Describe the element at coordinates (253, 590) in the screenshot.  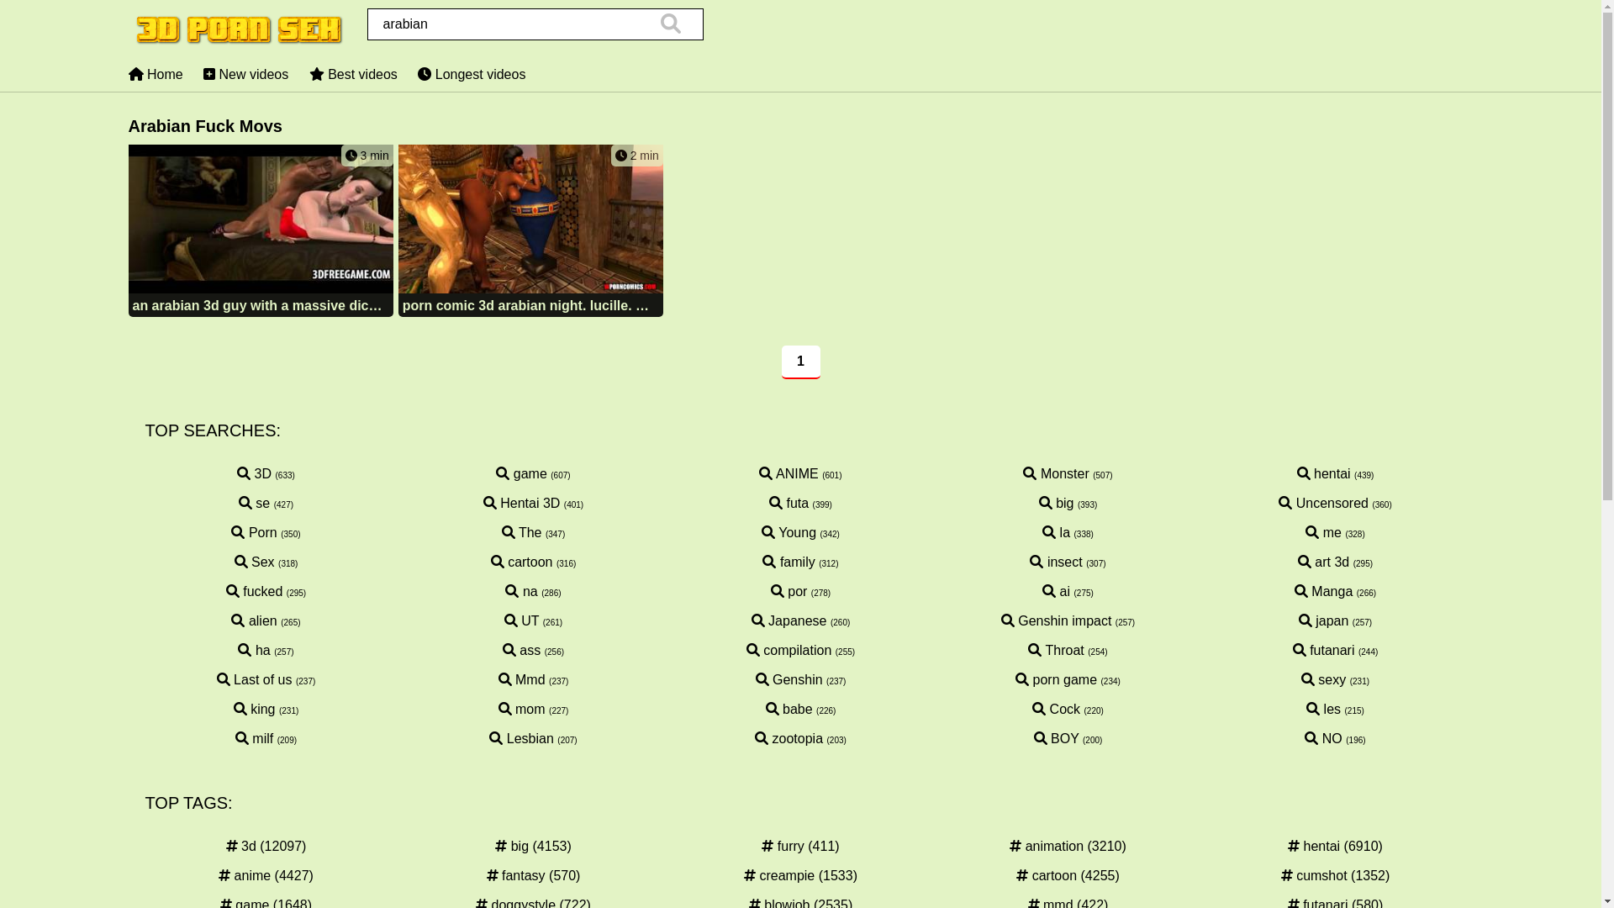
I see `'fucked'` at that location.